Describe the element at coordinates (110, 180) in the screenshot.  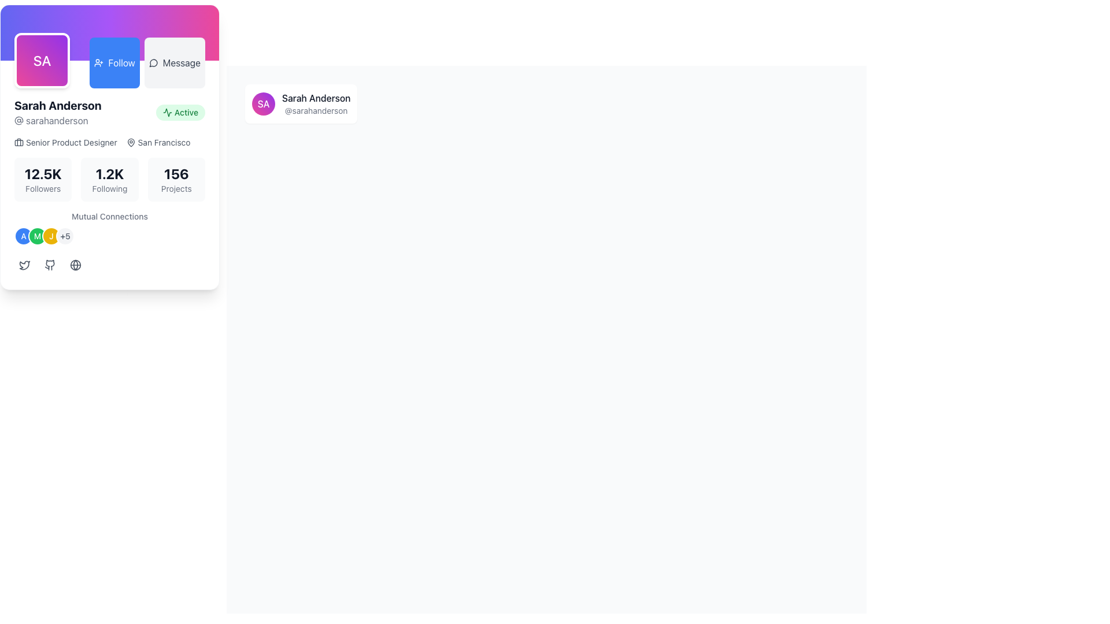
I see `the middle Text display block that shows '1.2K' on top and 'Following' below, which is part of a three-column layout in a profile card` at that location.